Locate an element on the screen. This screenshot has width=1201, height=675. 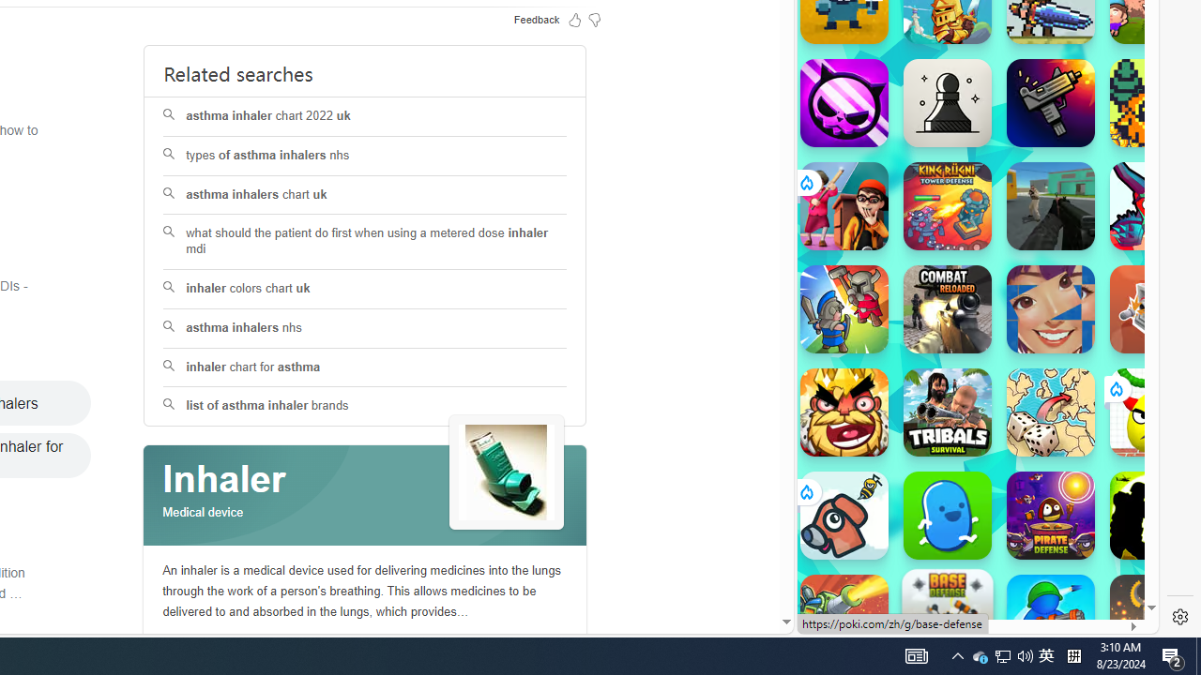
'War Master' is located at coordinates (1051, 618).